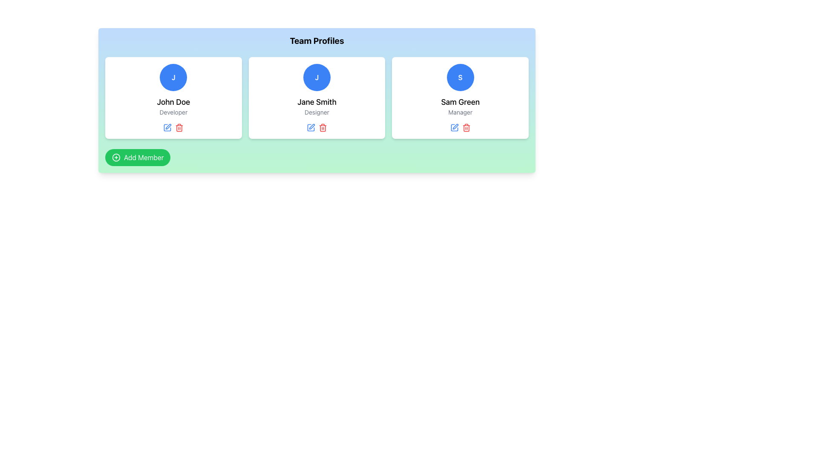 This screenshot has width=818, height=460. Describe the element at coordinates (317, 41) in the screenshot. I see `the text element displaying 'Team Profiles' in bold, centered formatting at the top of the card-like section` at that location.